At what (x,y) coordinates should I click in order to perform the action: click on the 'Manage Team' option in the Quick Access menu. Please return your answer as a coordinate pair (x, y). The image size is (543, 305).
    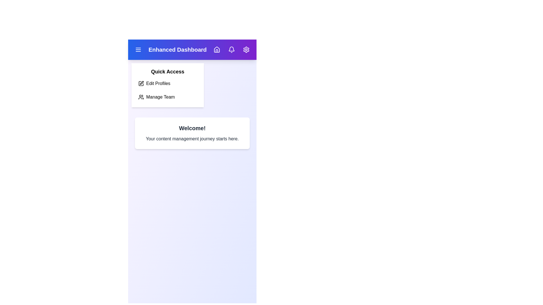
    Looking at the image, I should click on (167, 97).